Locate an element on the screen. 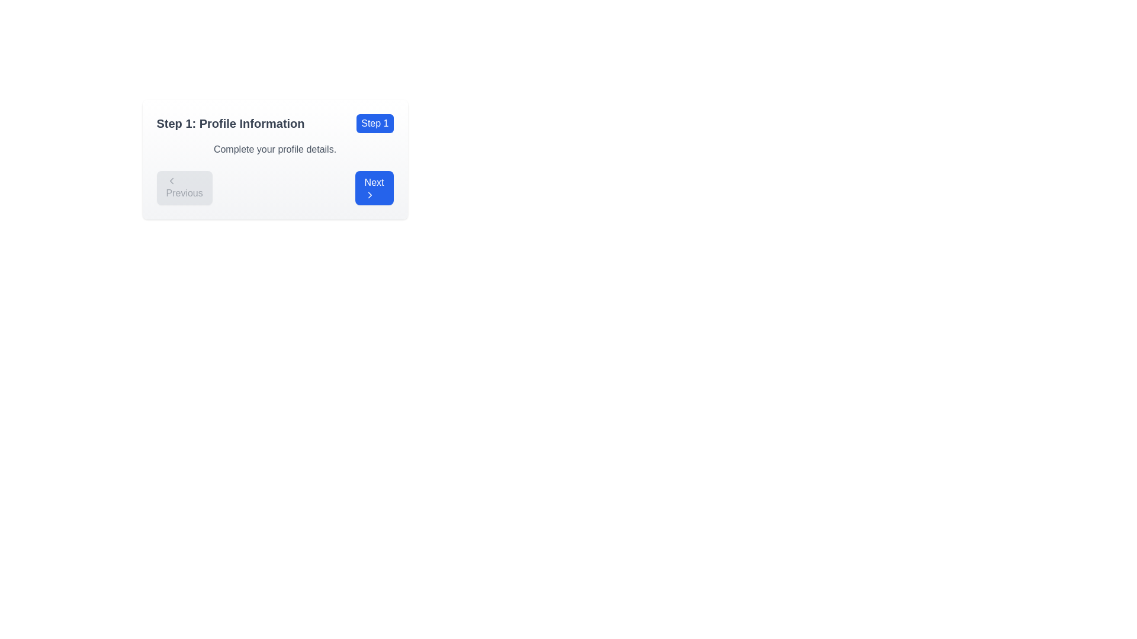  the rightward-pointing chevron arrow icon within the 'Next' button to proceed is located at coordinates (369, 195).